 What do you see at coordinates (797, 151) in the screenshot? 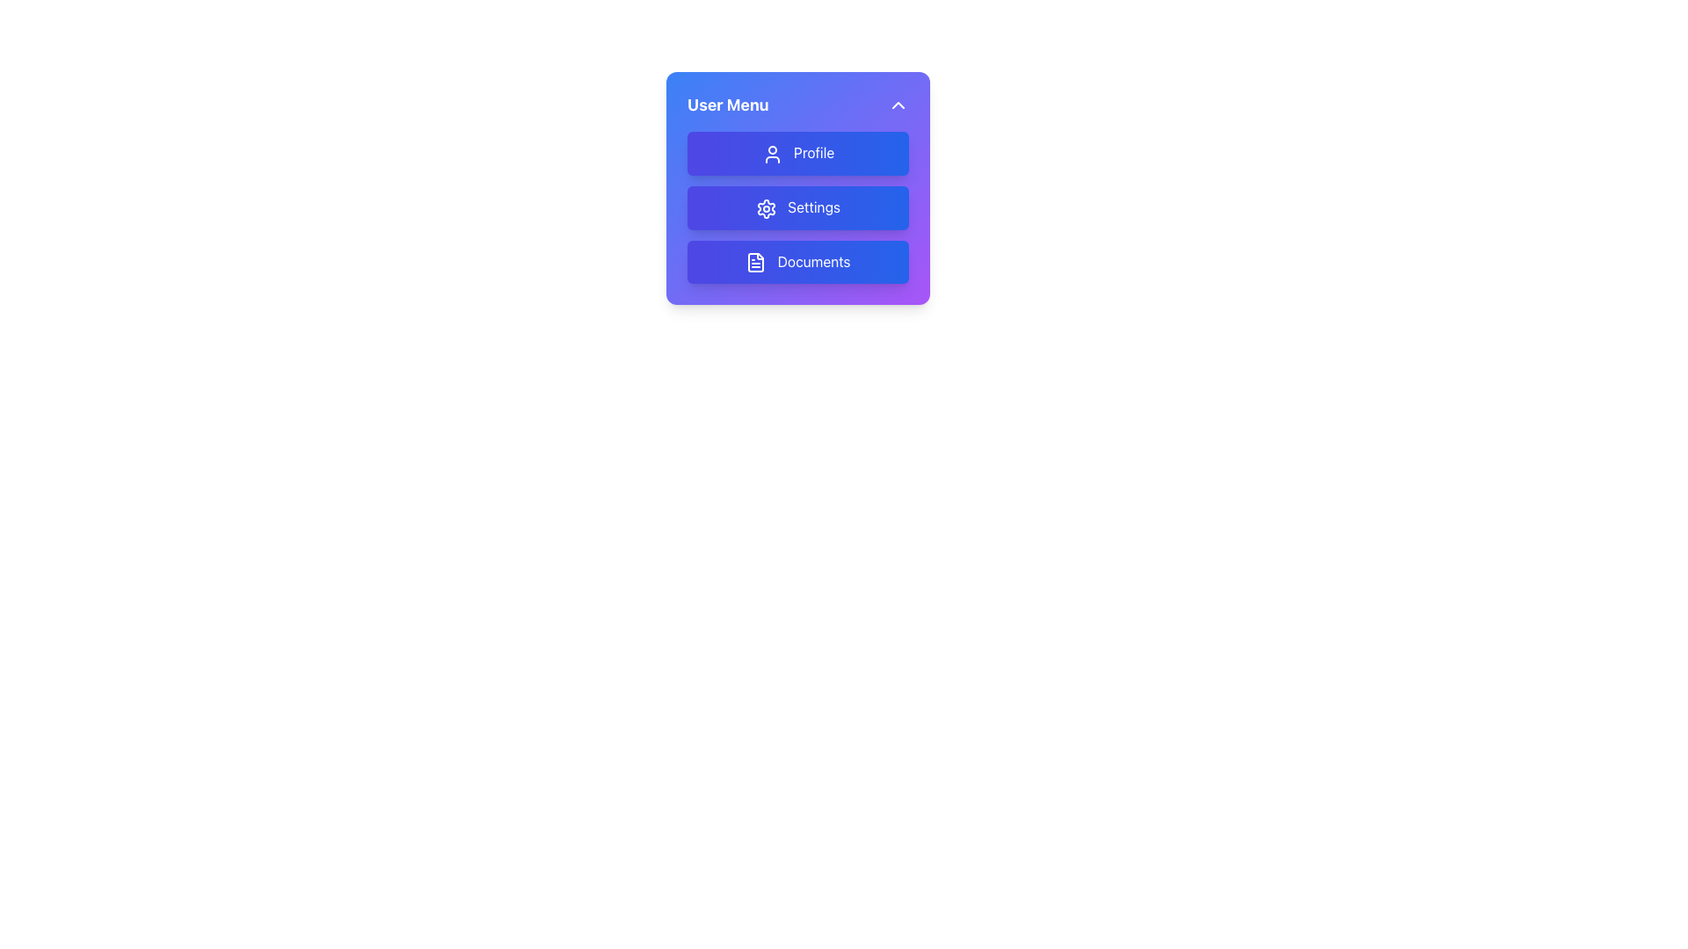
I see `the 'Profile' button, which is the first button in a vertical list with a gradient background and user icon, to trigger the hover state effect` at bounding box center [797, 151].